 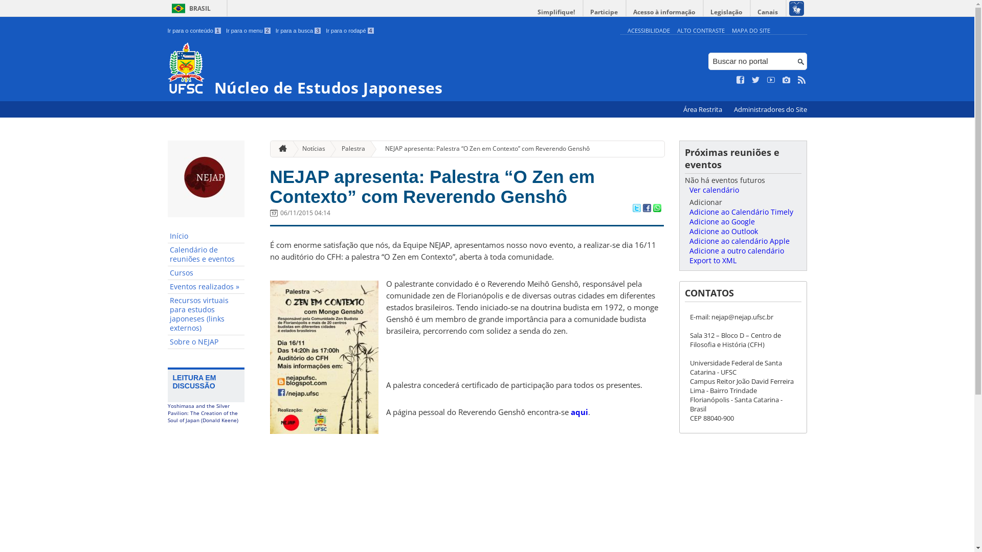 I want to click on 'Siga no Twitter', so click(x=756, y=80).